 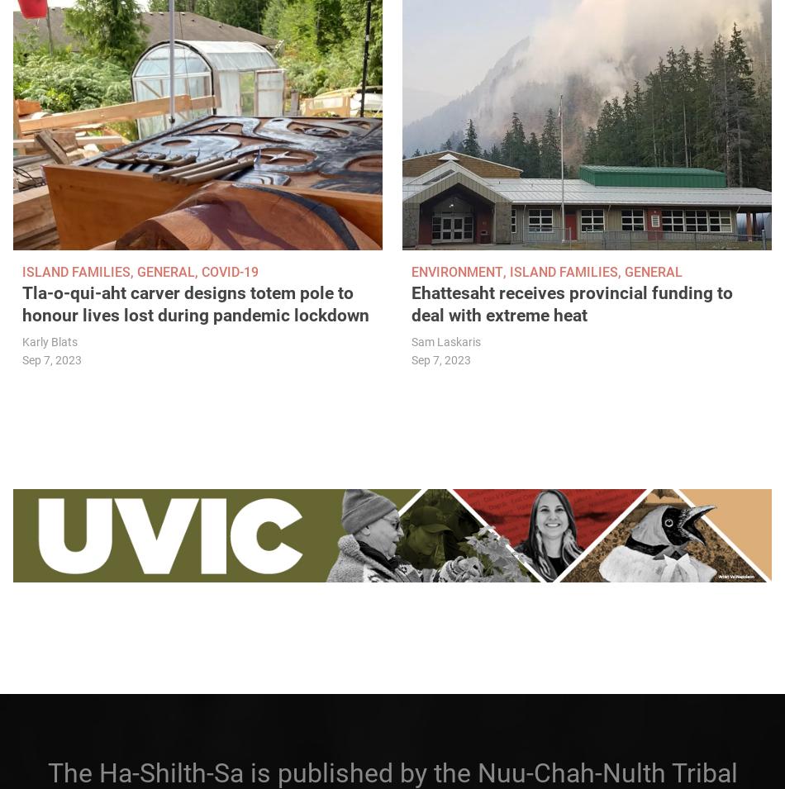 What do you see at coordinates (457, 271) in the screenshot?
I see `'Environment'` at bounding box center [457, 271].